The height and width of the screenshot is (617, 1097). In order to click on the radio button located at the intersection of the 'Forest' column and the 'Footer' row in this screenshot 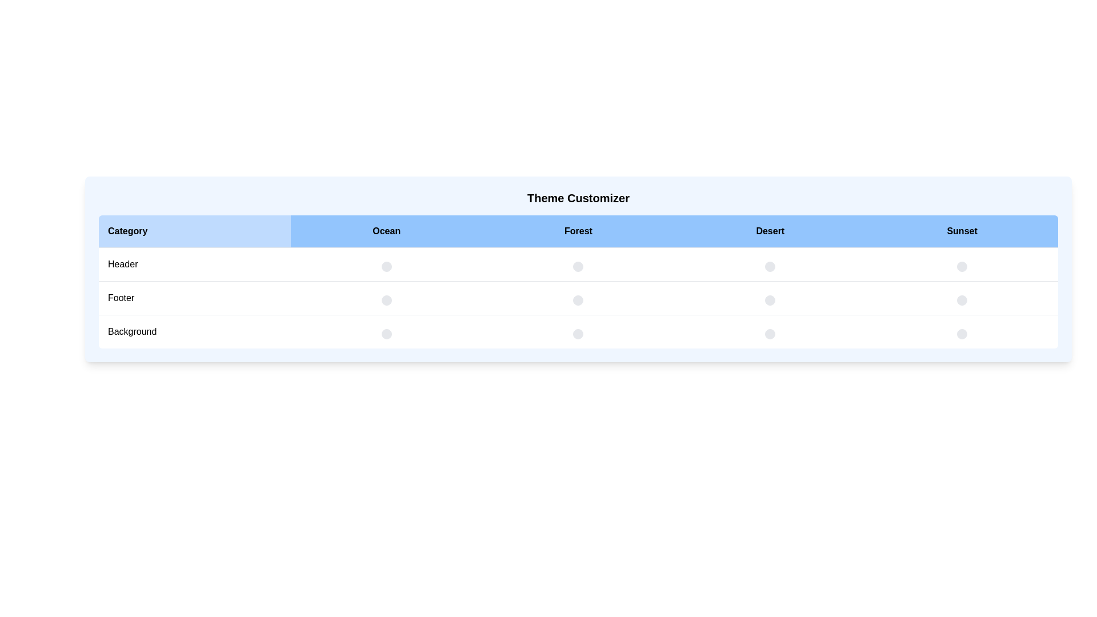, I will do `click(578, 299)`.